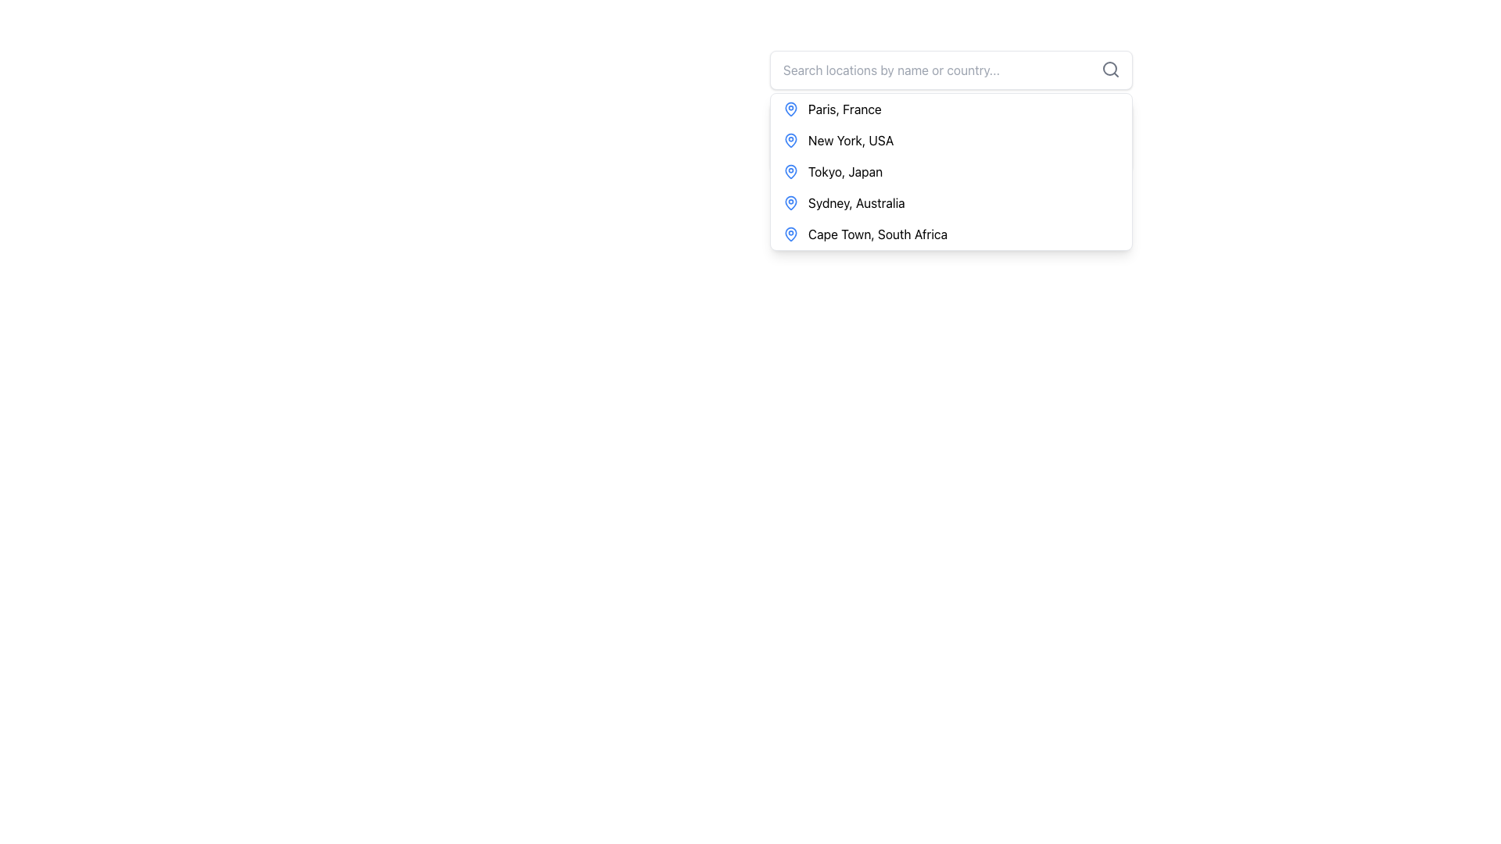  Describe the element at coordinates (791, 234) in the screenshot. I see `the blue outlined map pin icon located to the left of 'Cape Town, South Africa' in the dropdown menu, which is the fifth icon in the vertical list` at that location.